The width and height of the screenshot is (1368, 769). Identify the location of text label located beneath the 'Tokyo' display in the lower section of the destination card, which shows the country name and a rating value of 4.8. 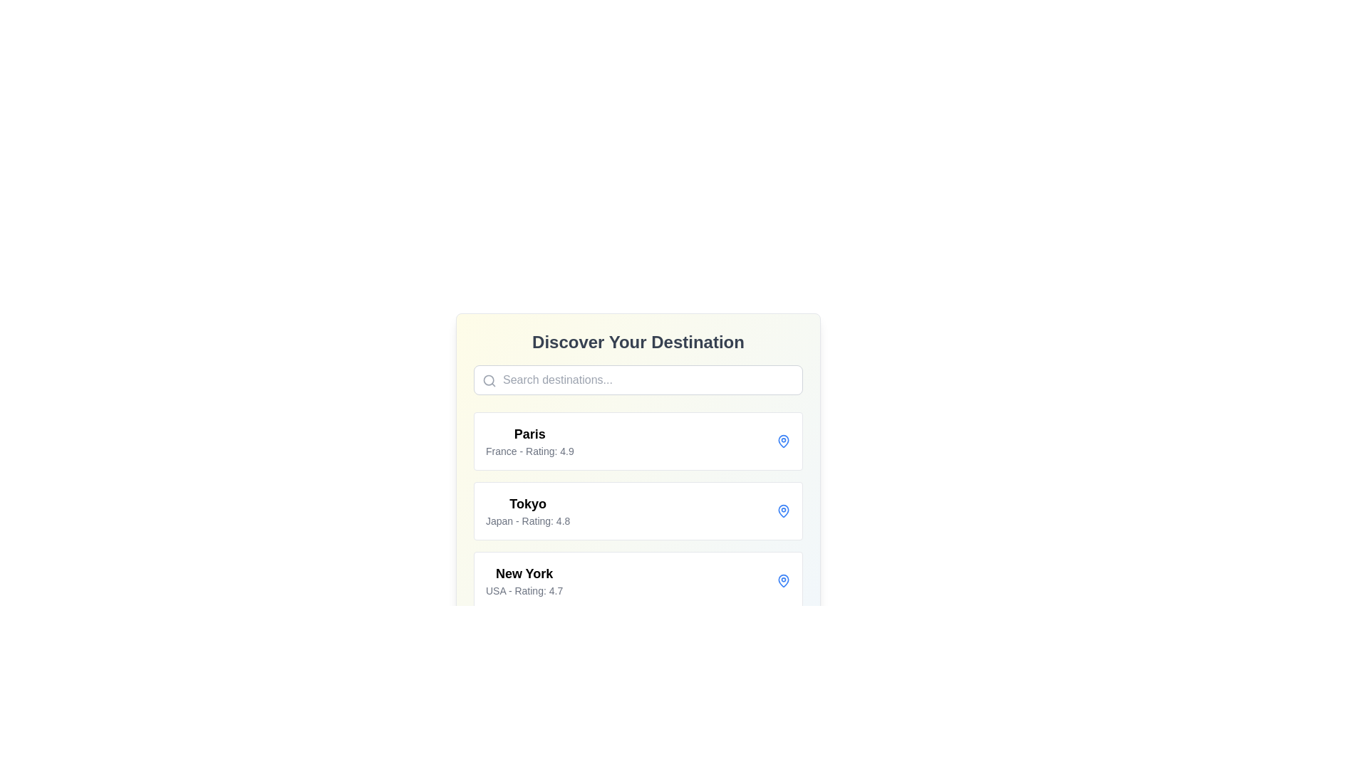
(527, 521).